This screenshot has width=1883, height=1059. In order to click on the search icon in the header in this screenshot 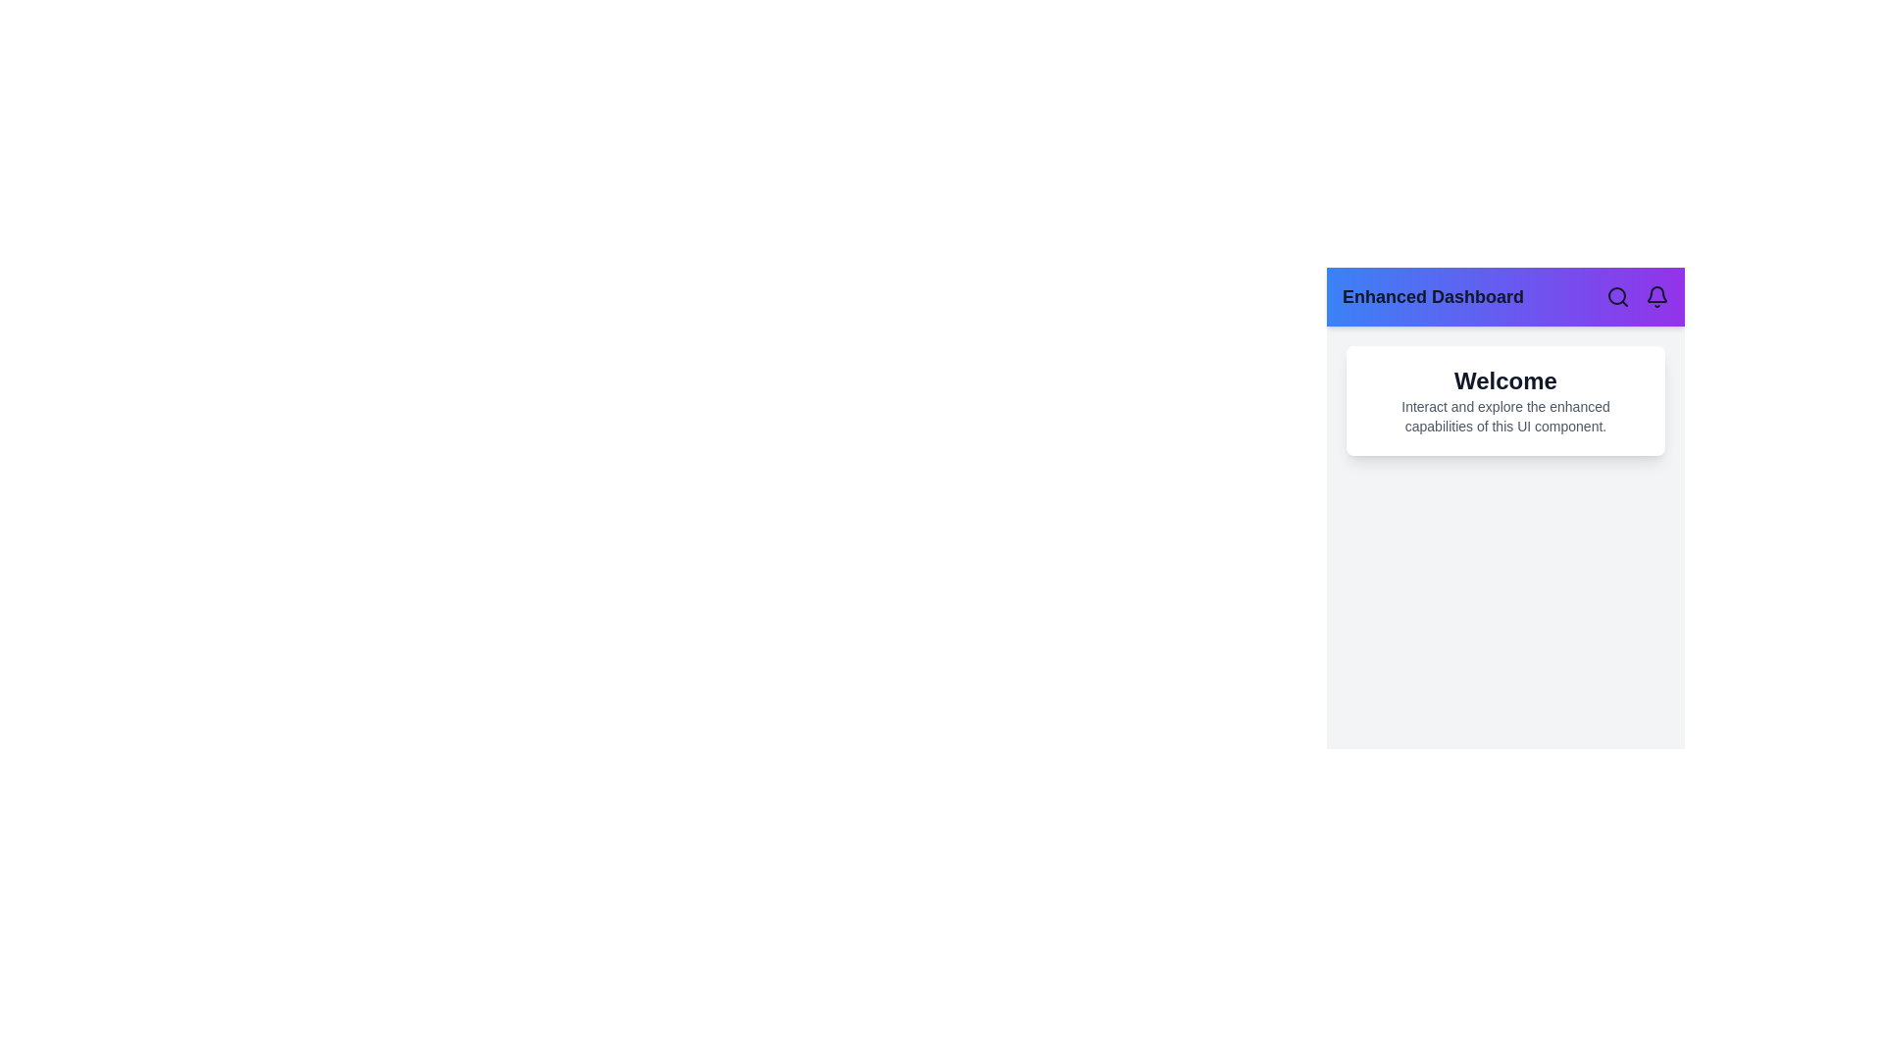, I will do `click(1618, 297)`.